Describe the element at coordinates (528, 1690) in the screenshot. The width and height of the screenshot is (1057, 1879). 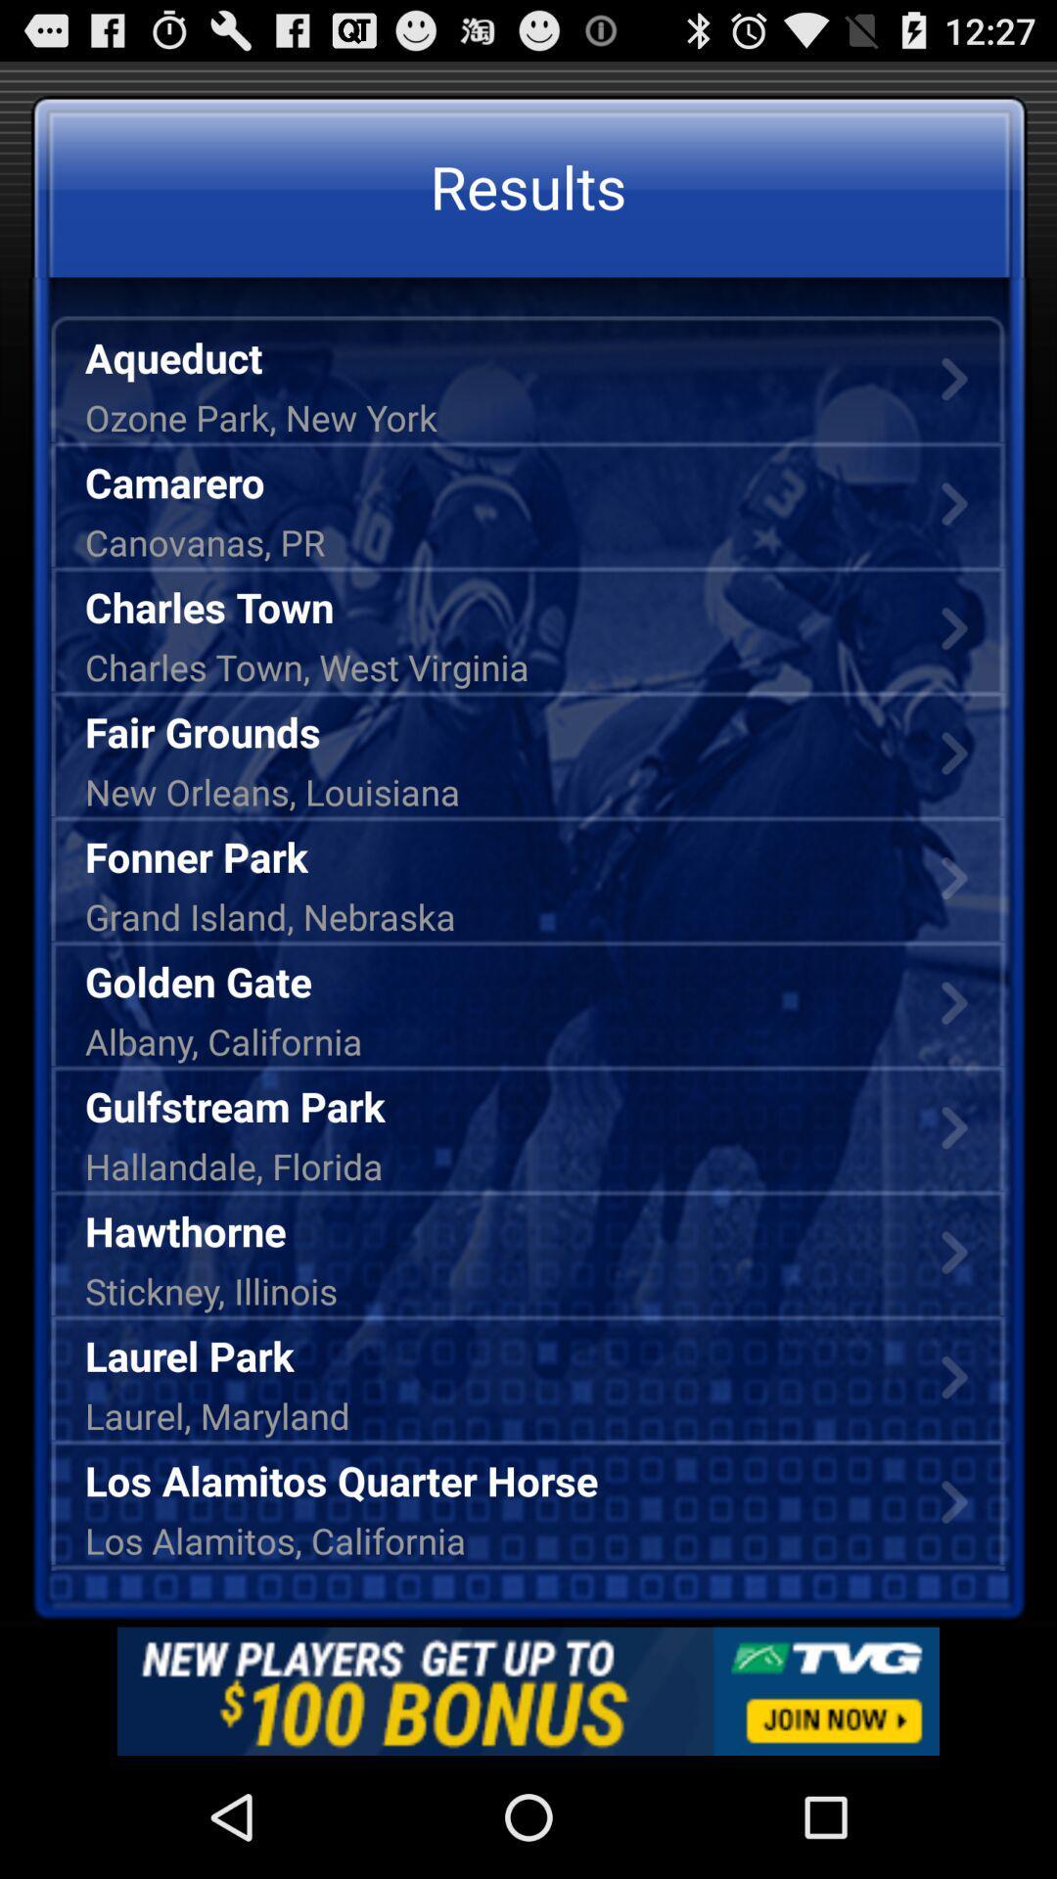
I see `advertisement` at that location.